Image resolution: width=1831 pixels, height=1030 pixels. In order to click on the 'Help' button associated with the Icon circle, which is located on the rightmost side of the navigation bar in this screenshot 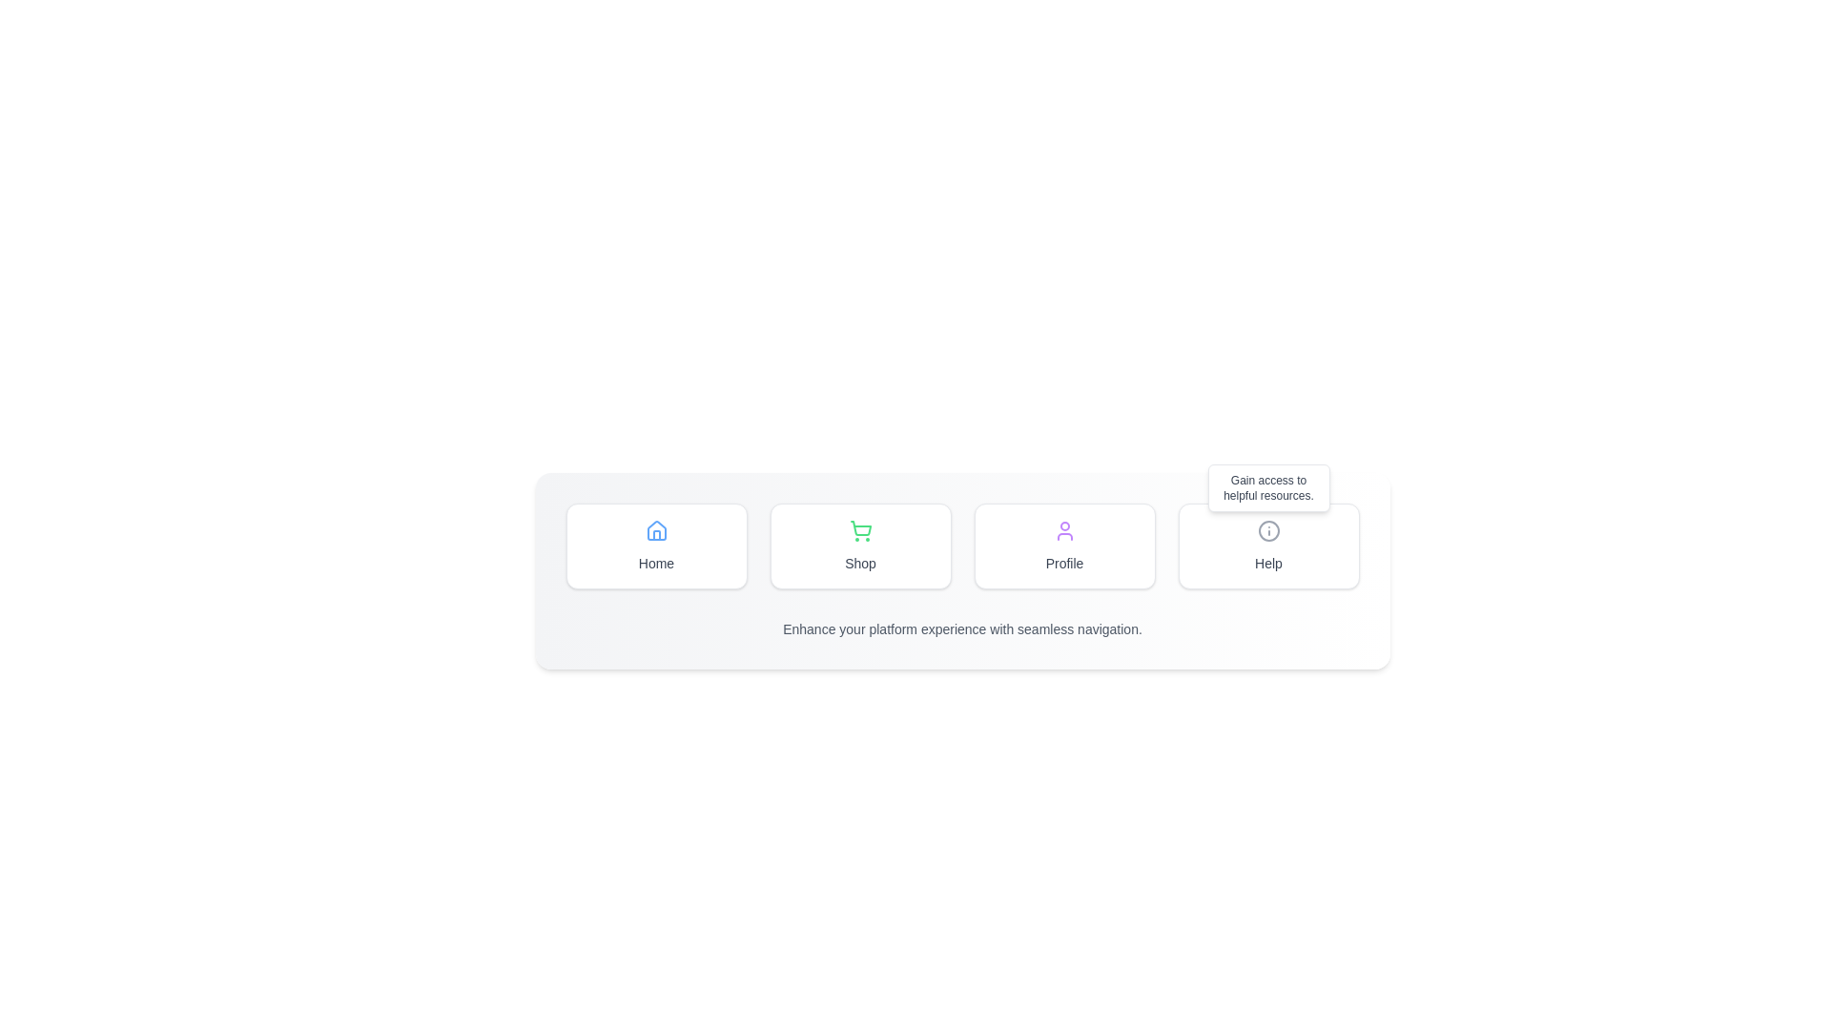, I will do `click(1268, 530)`.